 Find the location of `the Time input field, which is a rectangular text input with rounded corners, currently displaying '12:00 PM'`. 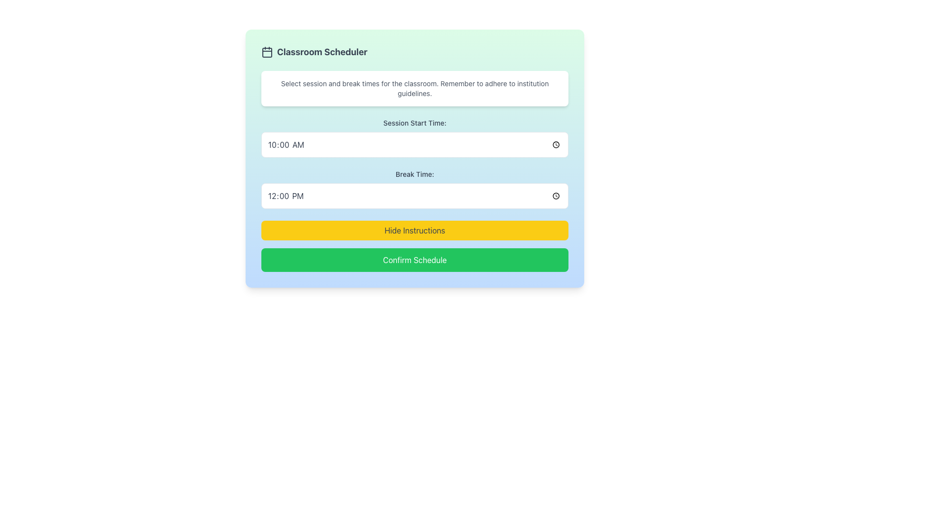

the Time input field, which is a rectangular text input with rounded corners, currently displaying '12:00 PM' is located at coordinates (415, 196).